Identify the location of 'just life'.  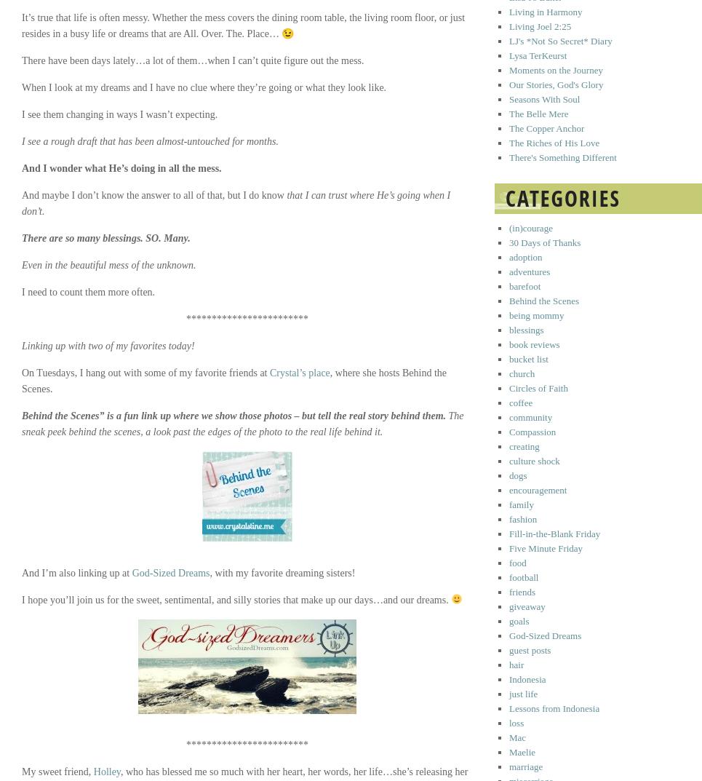
(508, 694).